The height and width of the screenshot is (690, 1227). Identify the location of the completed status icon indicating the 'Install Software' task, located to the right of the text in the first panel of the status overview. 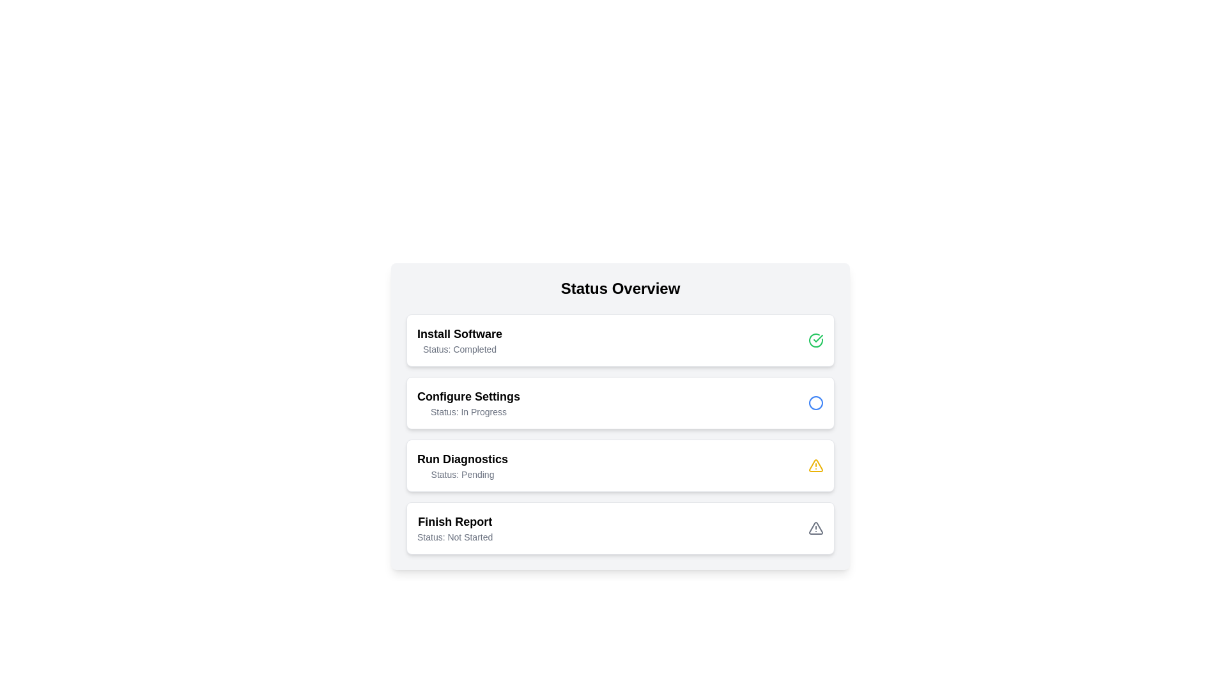
(818, 337).